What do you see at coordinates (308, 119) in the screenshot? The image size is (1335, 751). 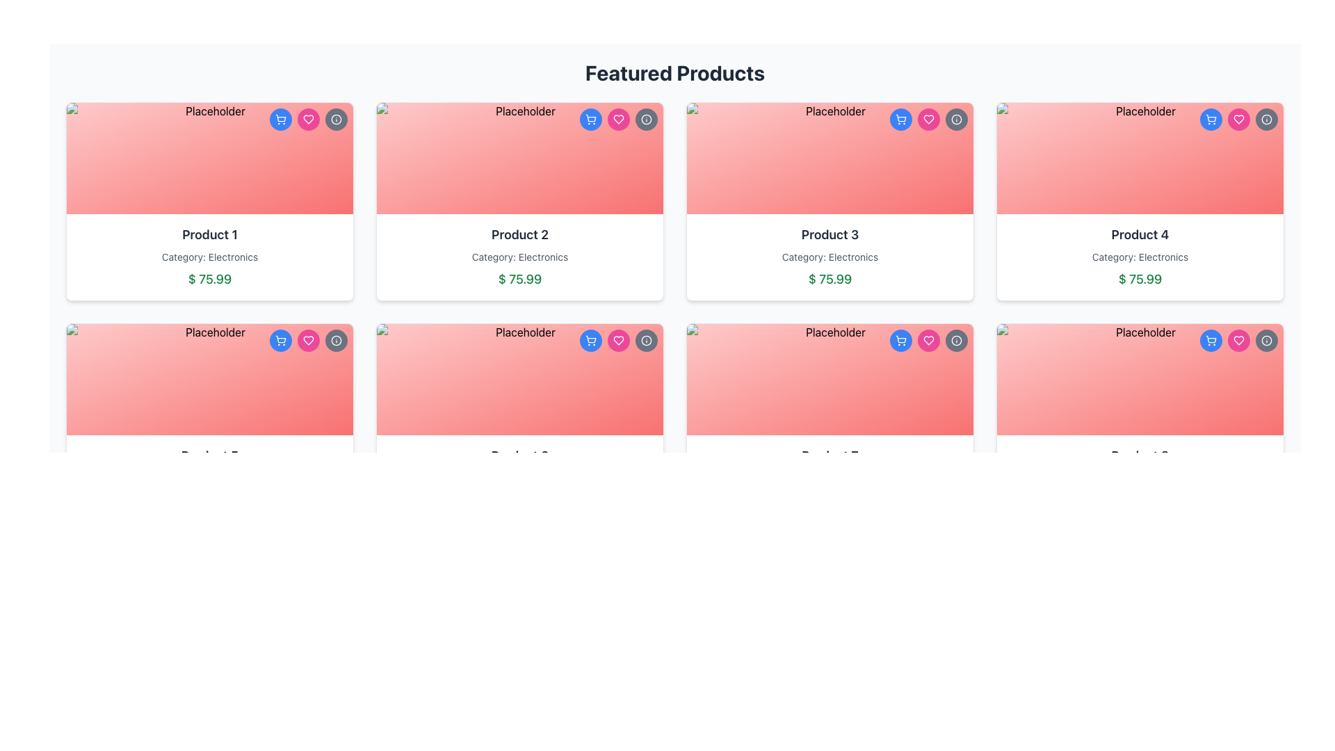 I see `the heart icon button located in the top-right corner of the first product card` at bounding box center [308, 119].